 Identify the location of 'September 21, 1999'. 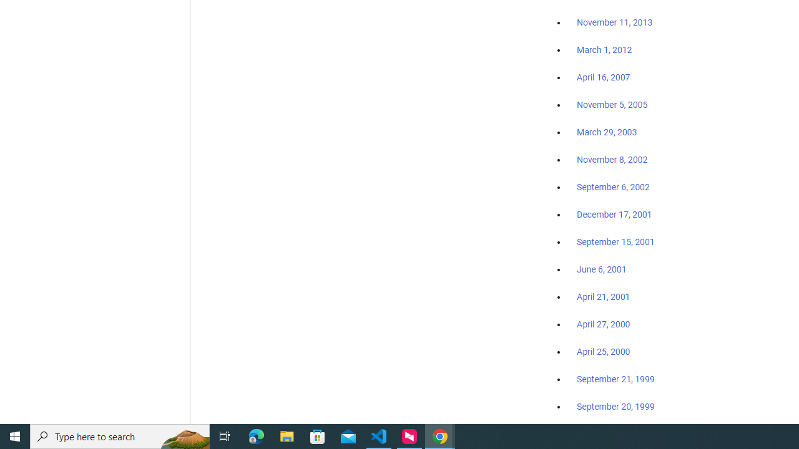
(615, 379).